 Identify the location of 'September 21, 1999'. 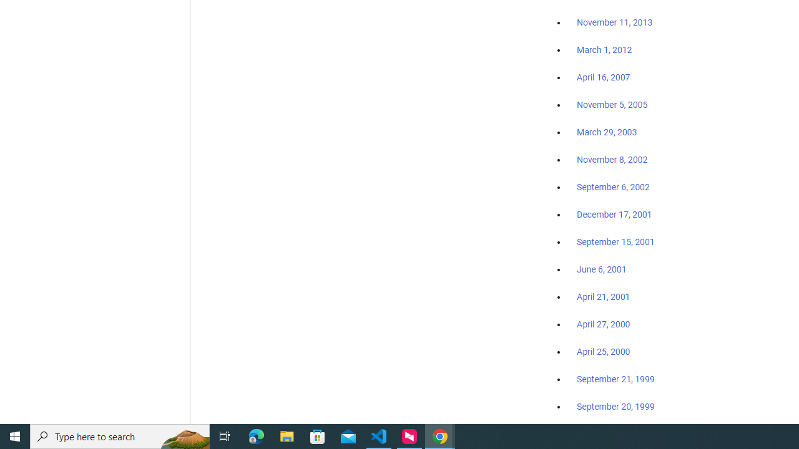
(615, 379).